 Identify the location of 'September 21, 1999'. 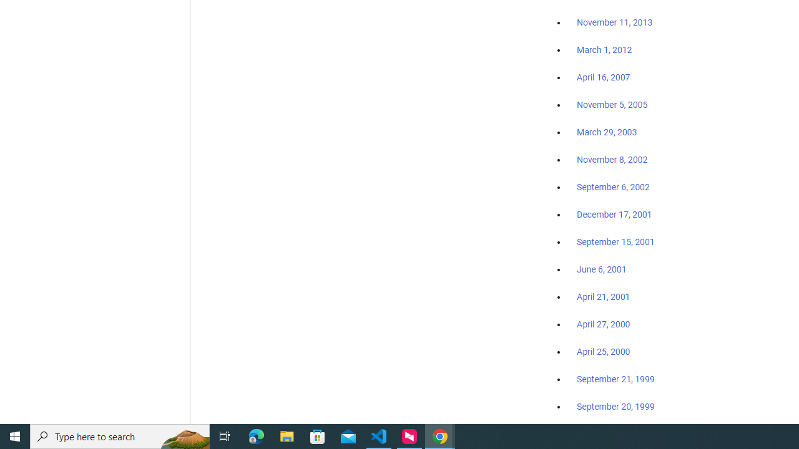
(615, 379).